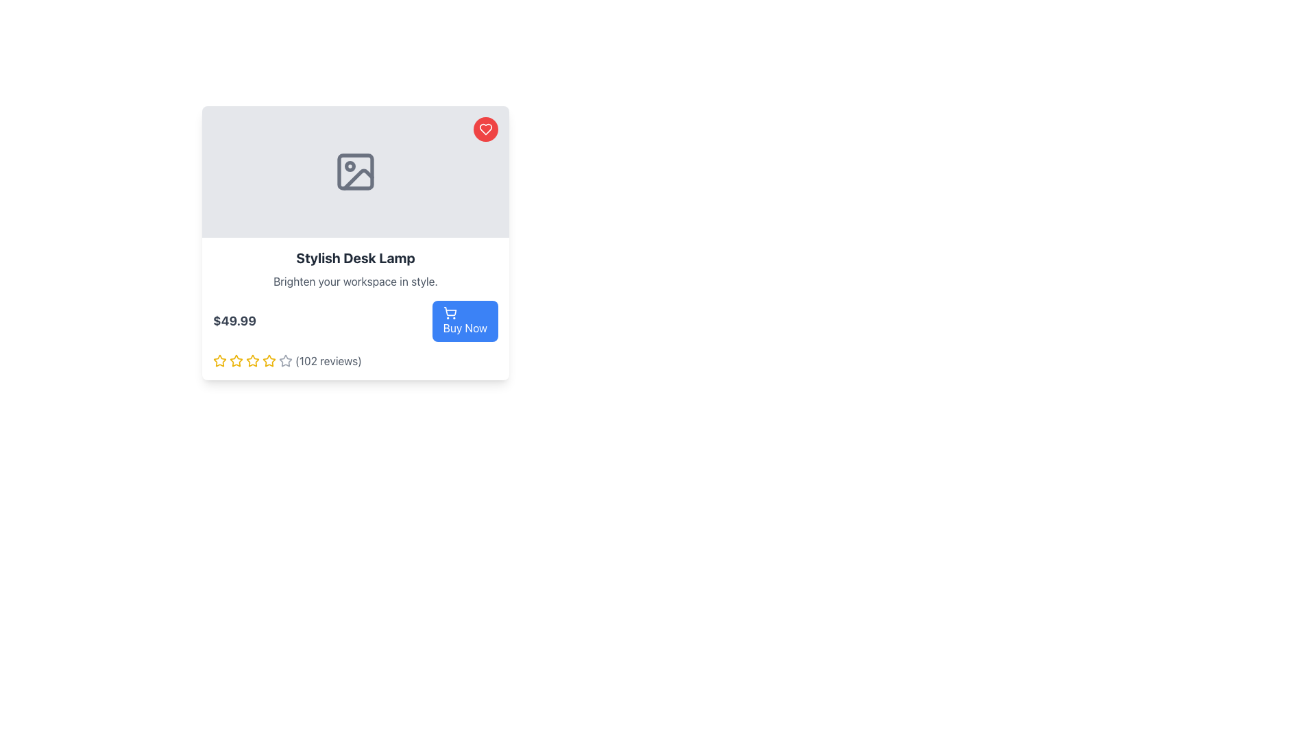  I want to click on the small circle element located in the top-left corner of the photo icon within the SVG graphic, which is the second component among its children, so click(350, 166).